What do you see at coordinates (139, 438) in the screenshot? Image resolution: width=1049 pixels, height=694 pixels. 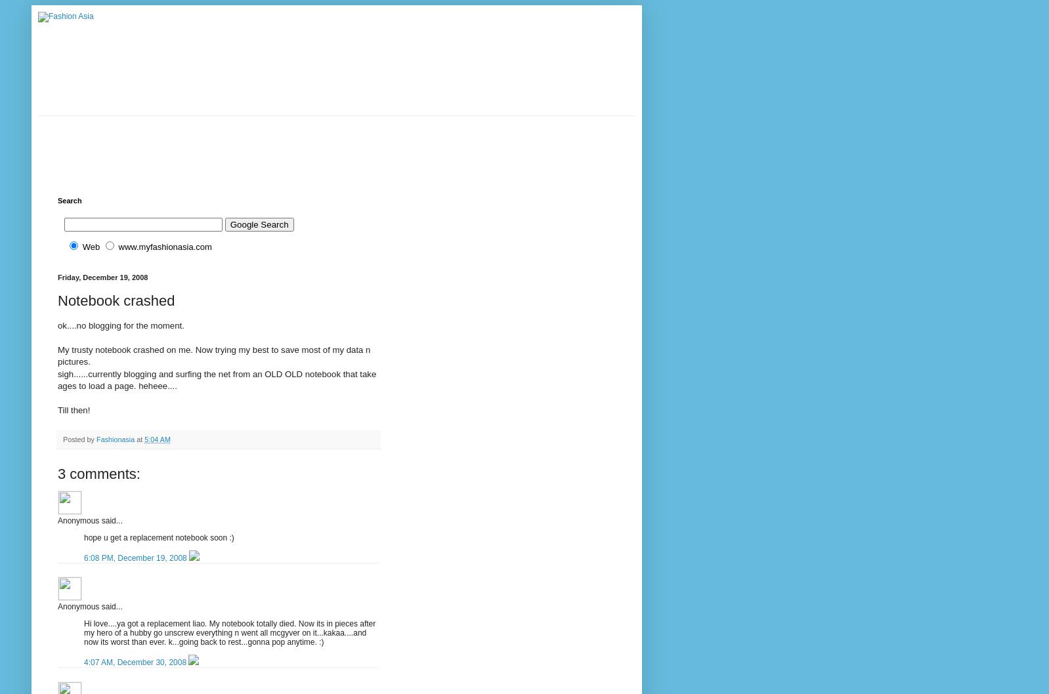 I see `'at'` at bounding box center [139, 438].